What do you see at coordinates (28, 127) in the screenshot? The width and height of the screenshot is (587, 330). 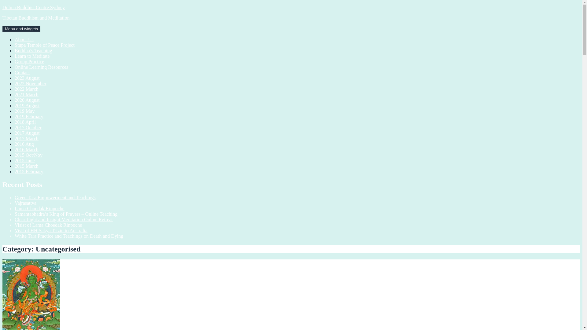 I see `'2017 October'` at bounding box center [28, 127].